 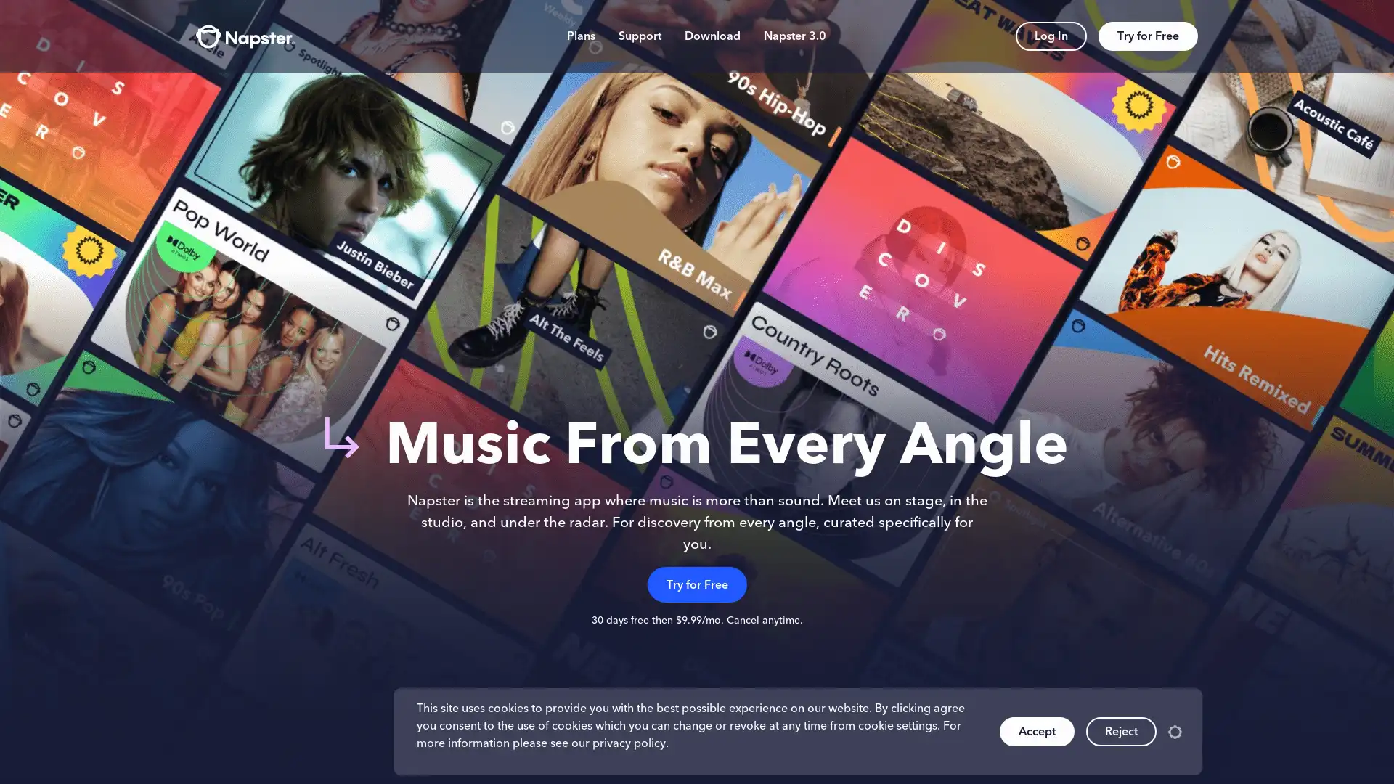 What do you see at coordinates (1036, 731) in the screenshot?
I see `Accept` at bounding box center [1036, 731].